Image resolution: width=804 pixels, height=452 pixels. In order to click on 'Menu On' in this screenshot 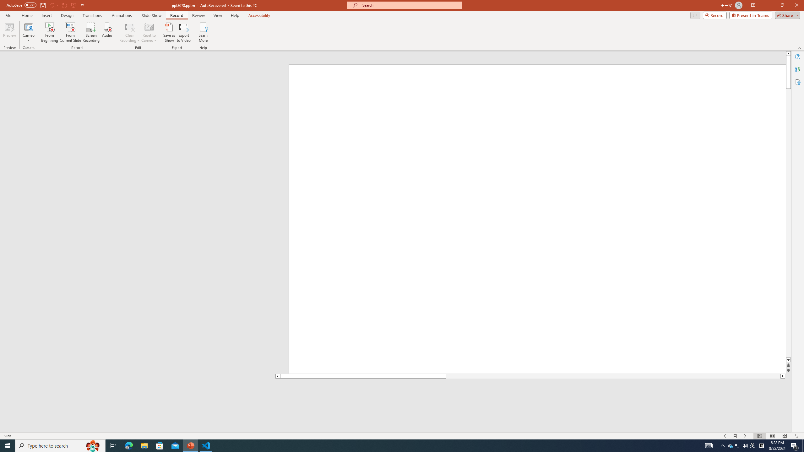, I will do `click(735, 436)`.